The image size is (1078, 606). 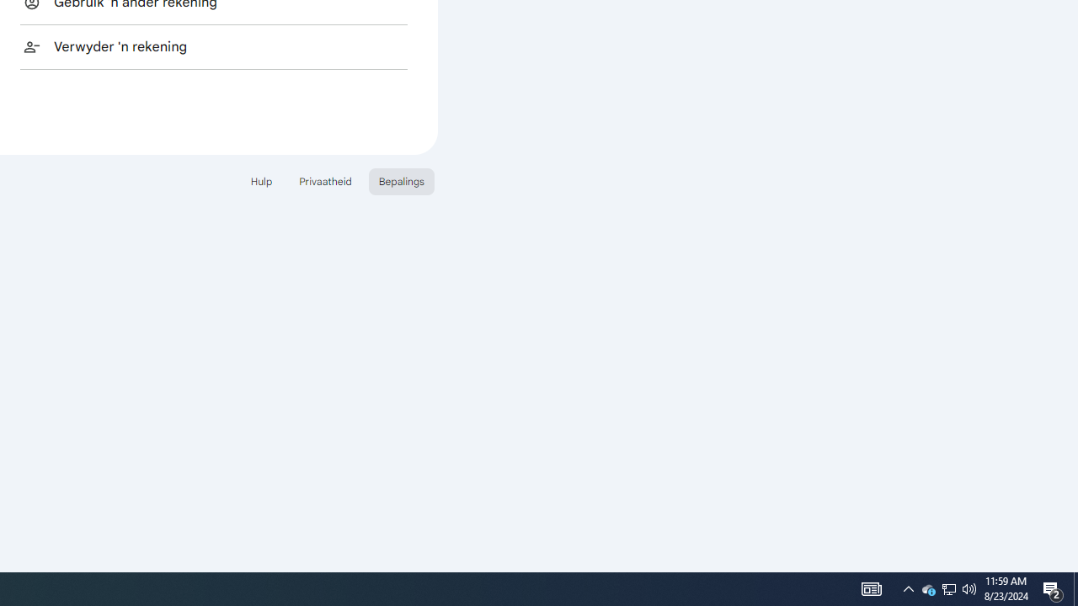 I want to click on 'Bepalings', so click(x=400, y=181).